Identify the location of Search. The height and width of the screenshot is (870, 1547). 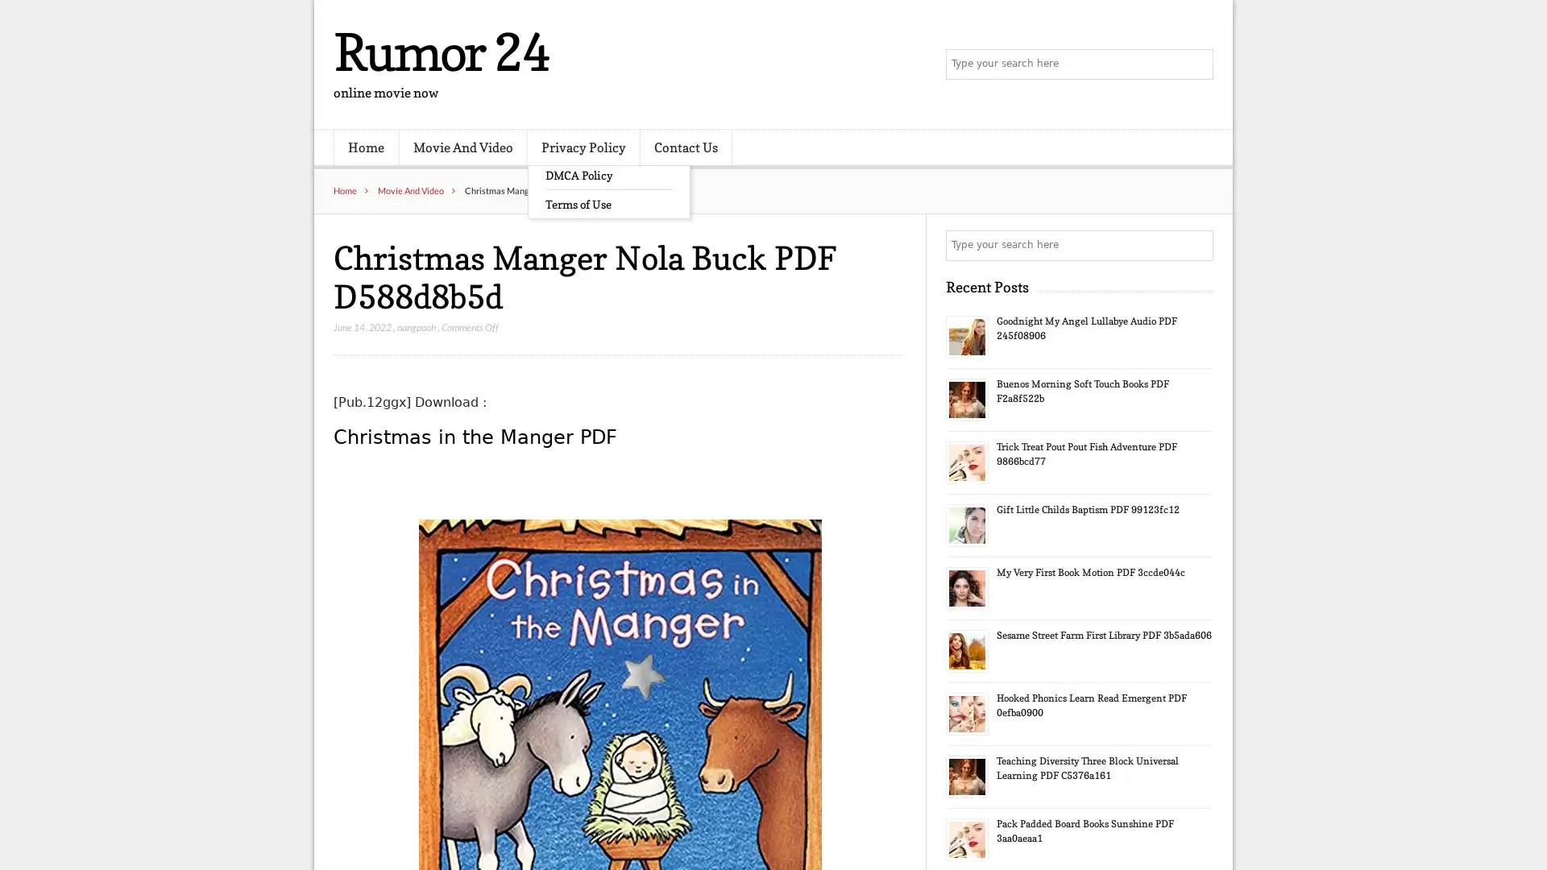
(1197, 245).